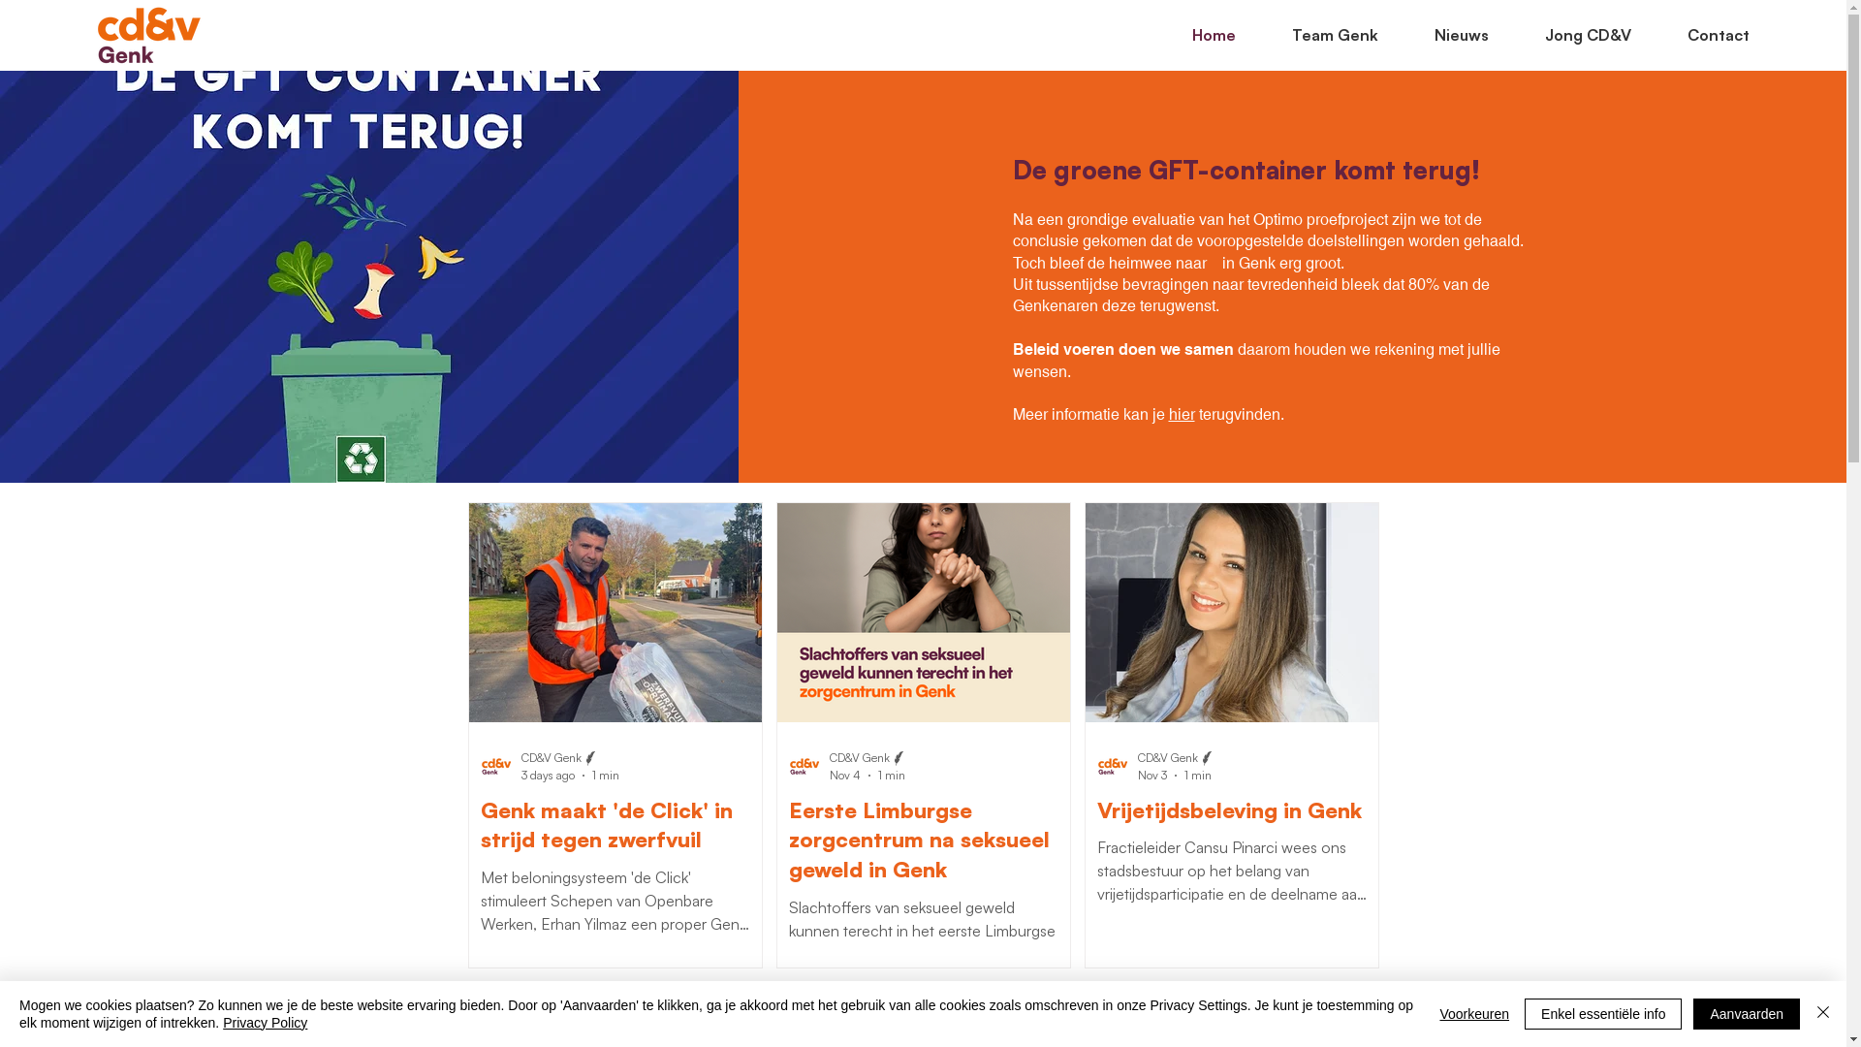 Image resolution: width=1861 pixels, height=1047 pixels. What do you see at coordinates (1199, 34) in the screenshot?
I see `'Home'` at bounding box center [1199, 34].